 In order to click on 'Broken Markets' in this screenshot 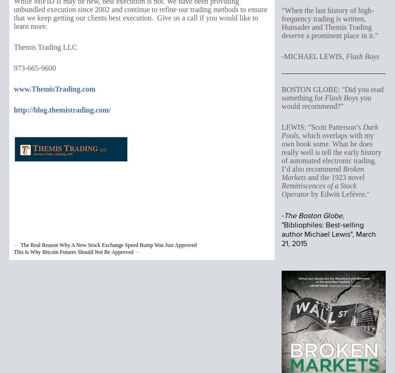, I will do `click(322, 173)`.